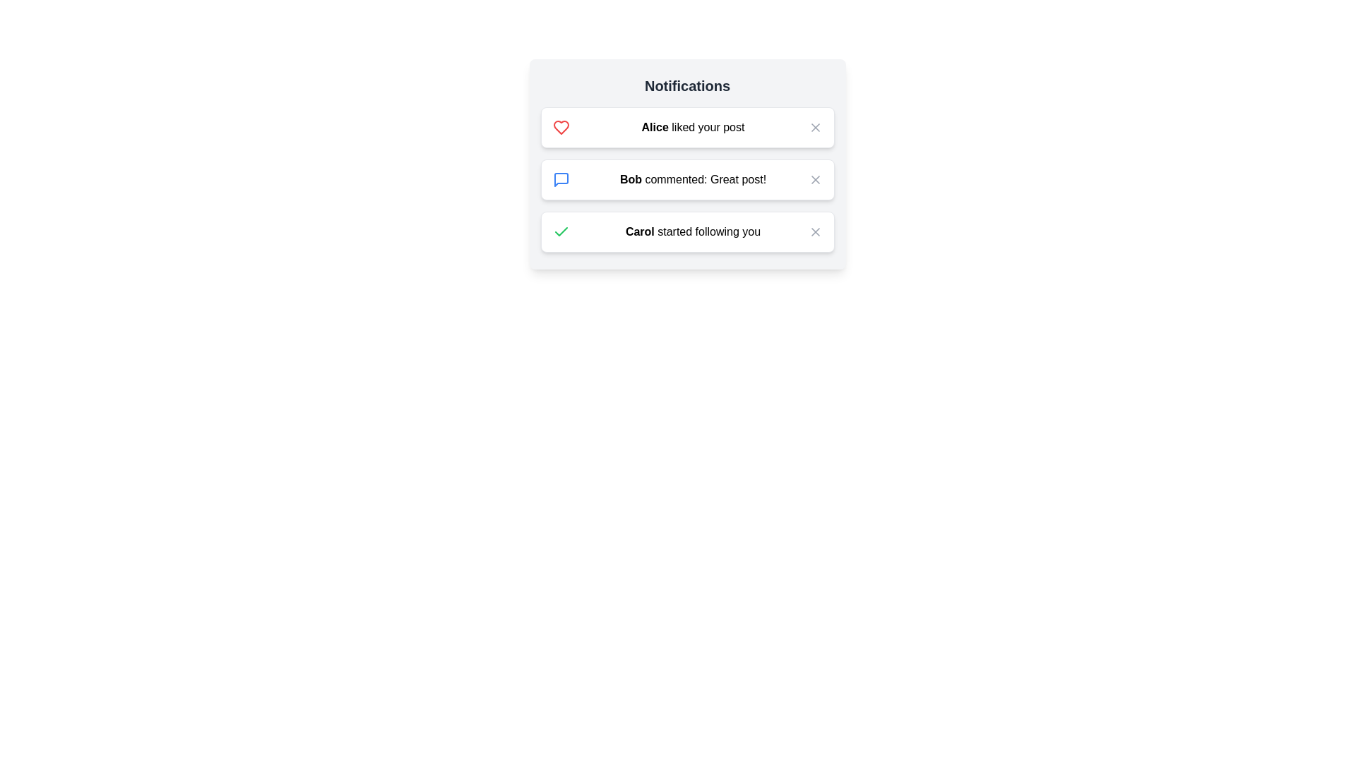 This screenshot has height=762, width=1356. Describe the element at coordinates (687, 128) in the screenshot. I see `the notification by clicking on the notification box that displays a red heart icon, bold text 'Alice' followed by lighter text 'liked your post', and an 'X' icon at the right` at that location.